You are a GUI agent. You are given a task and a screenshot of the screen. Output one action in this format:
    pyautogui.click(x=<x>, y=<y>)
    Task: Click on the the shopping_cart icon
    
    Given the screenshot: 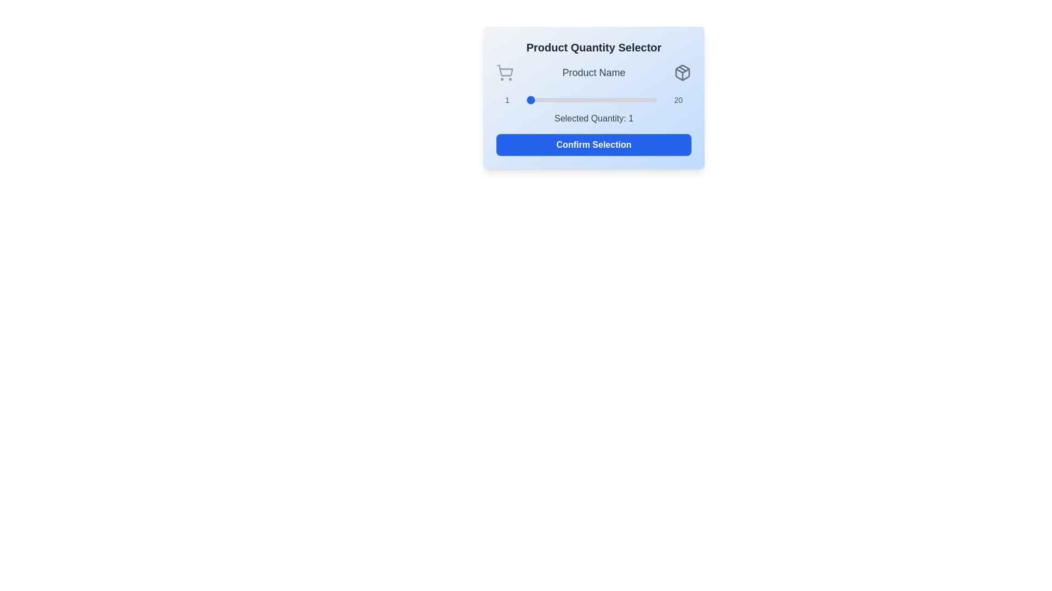 What is the action you would take?
    pyautogui.click(x=504, y=72)
    